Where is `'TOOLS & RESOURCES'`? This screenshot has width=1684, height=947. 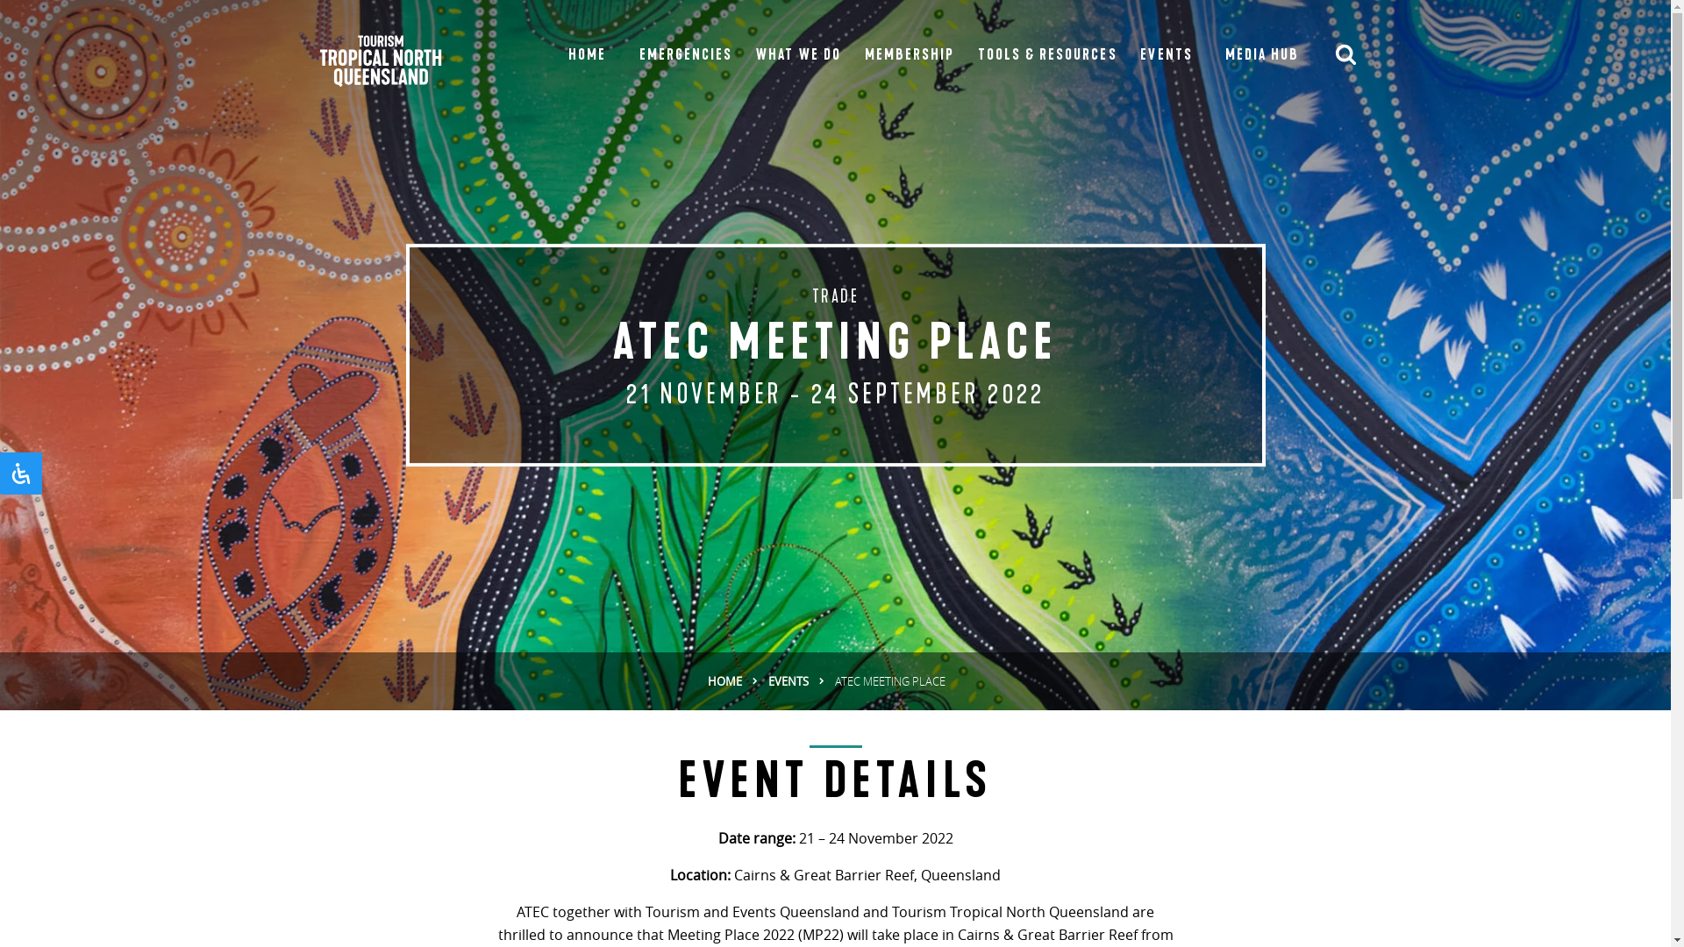
'TOOLS & RESOURCES' is located at coordinates (976, 53).